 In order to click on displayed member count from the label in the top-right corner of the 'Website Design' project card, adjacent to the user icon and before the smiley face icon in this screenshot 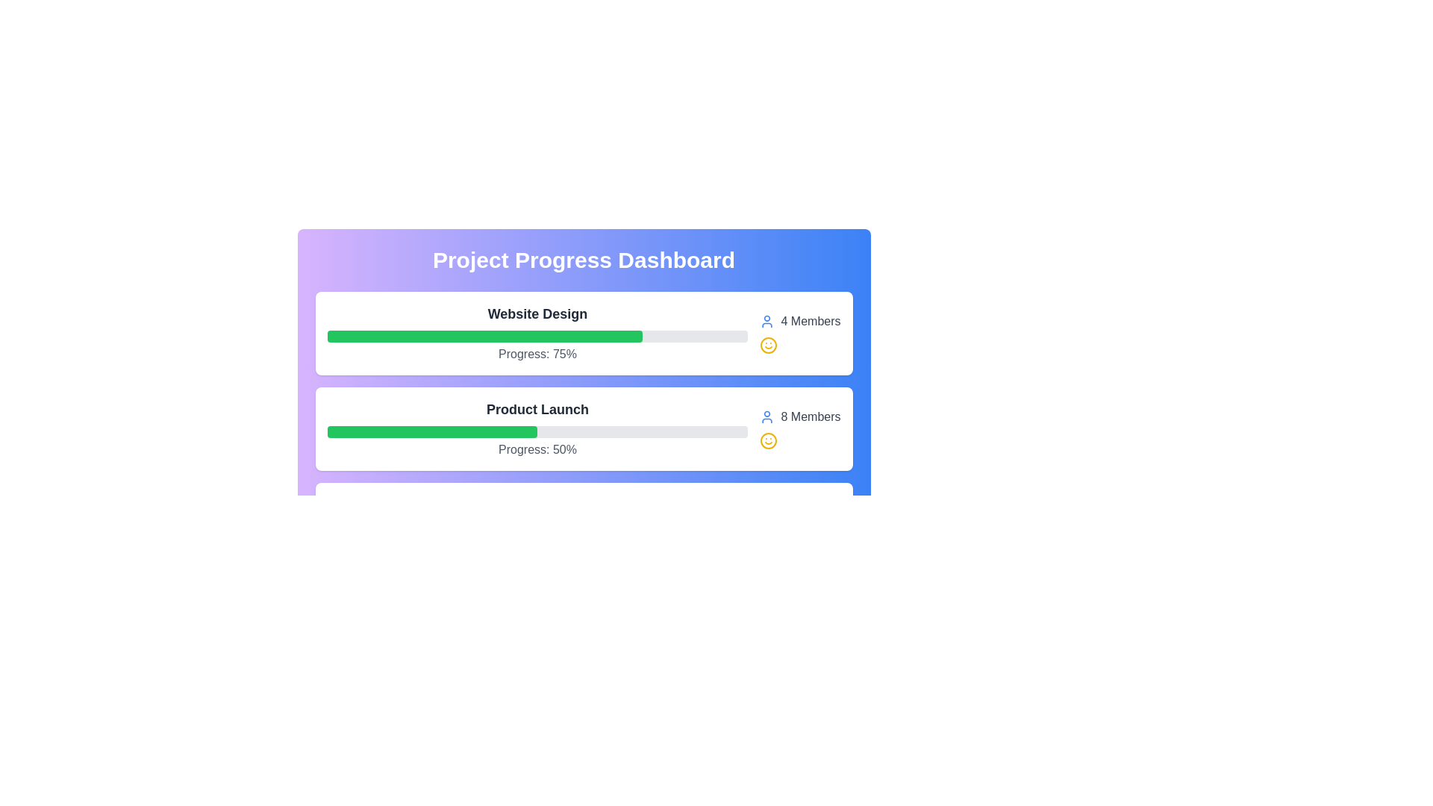, I will do `click(810, 321)`.